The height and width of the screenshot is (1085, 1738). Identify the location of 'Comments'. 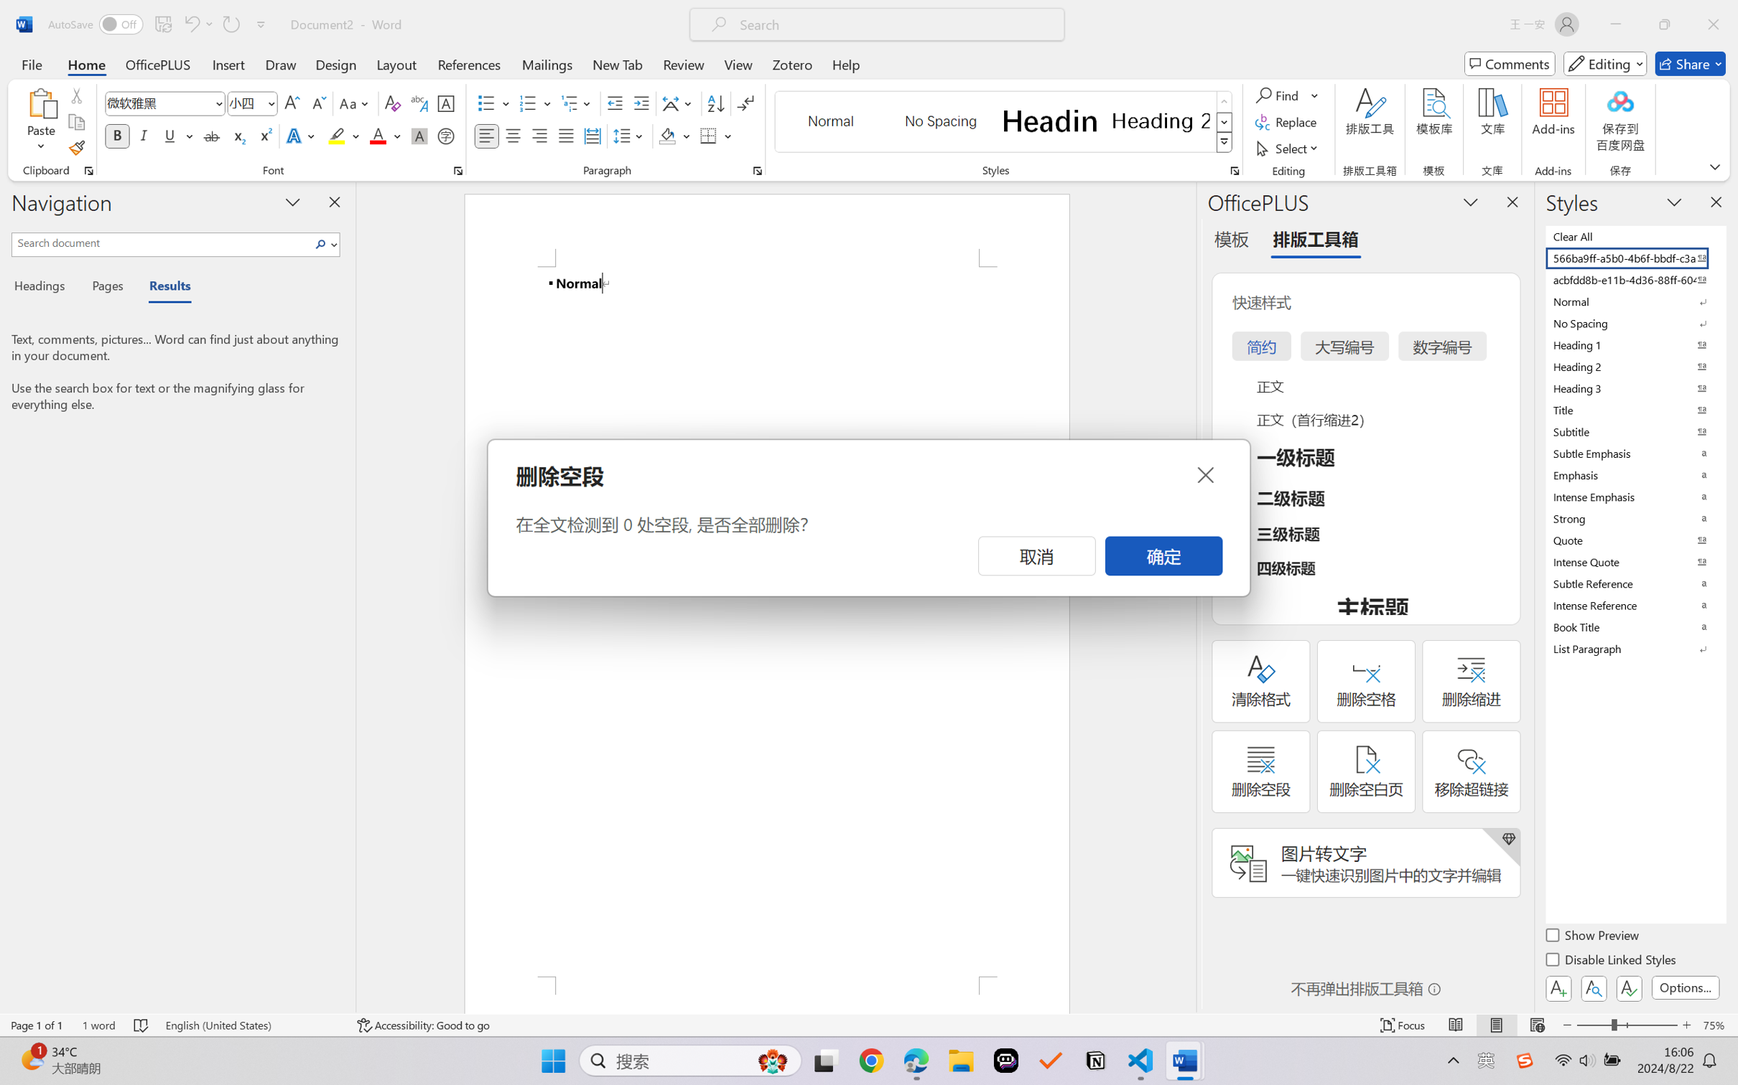
(1510, 63).